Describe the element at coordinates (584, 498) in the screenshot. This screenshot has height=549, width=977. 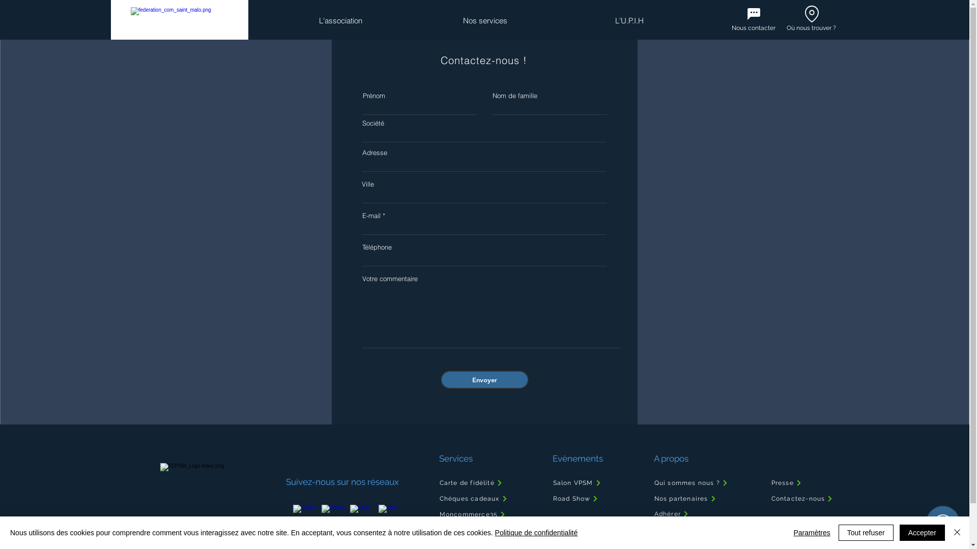
I see `'Road Show'` at that location.